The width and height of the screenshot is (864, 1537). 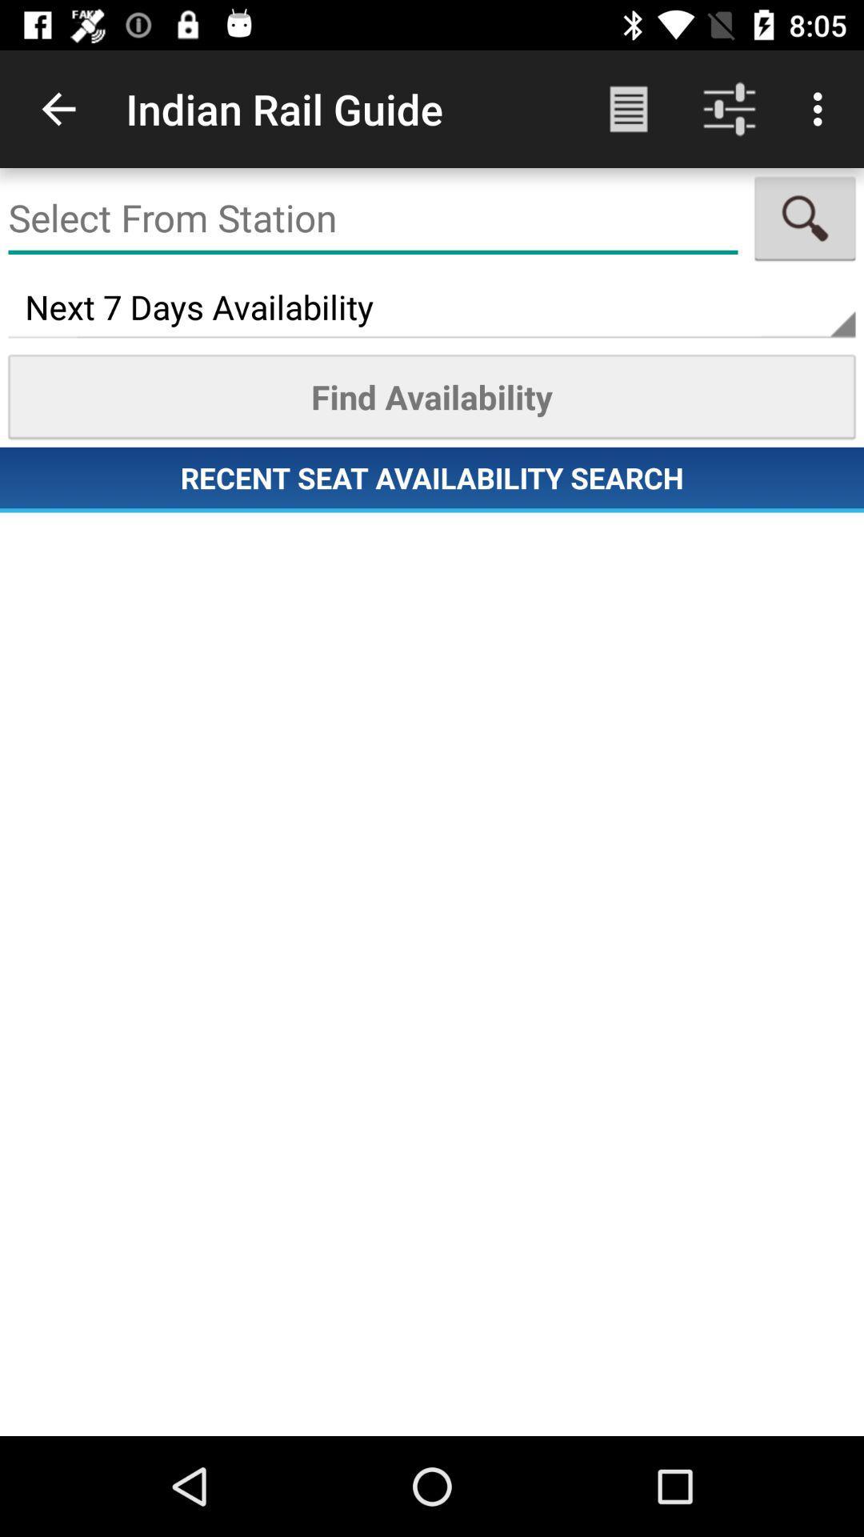 What do you see at coordinates (805, 218) in the screenshot?
I see `the search icon` at bounding box center [805, 218].